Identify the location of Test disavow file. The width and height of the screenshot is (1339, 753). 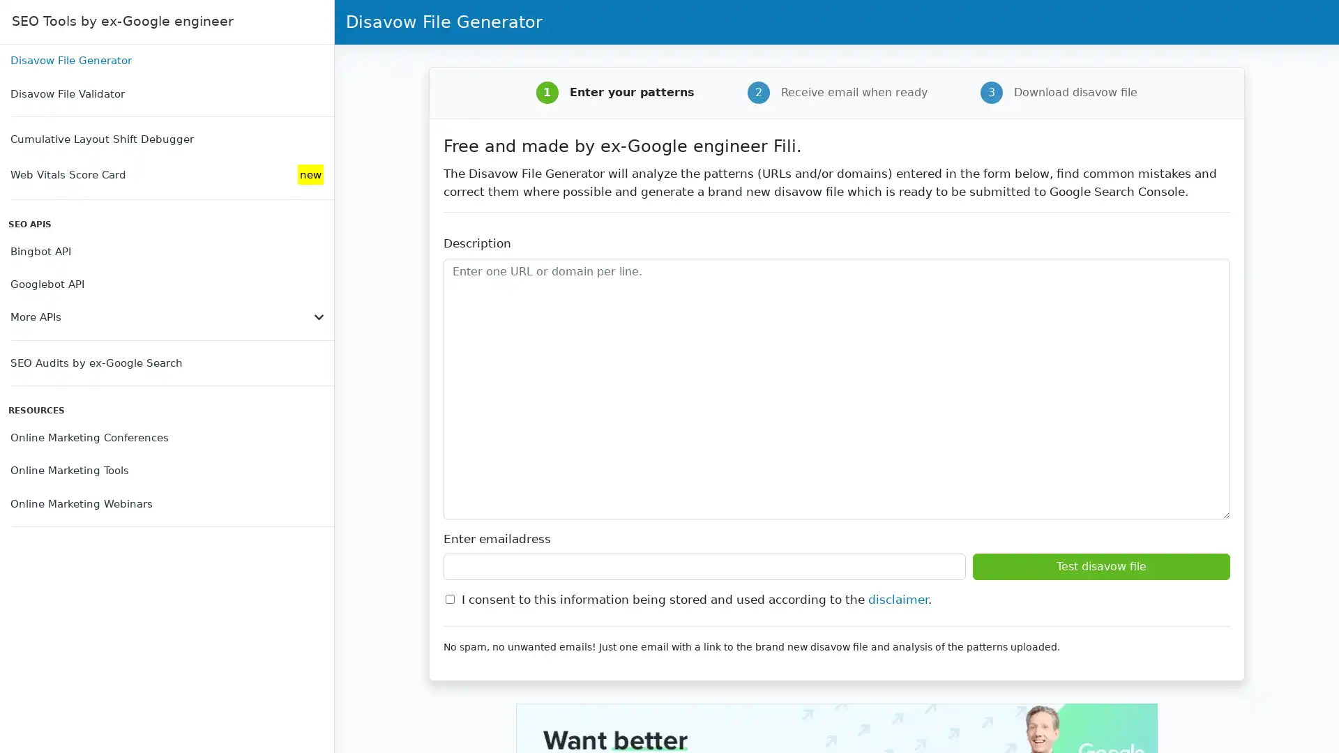
(1100, 567).